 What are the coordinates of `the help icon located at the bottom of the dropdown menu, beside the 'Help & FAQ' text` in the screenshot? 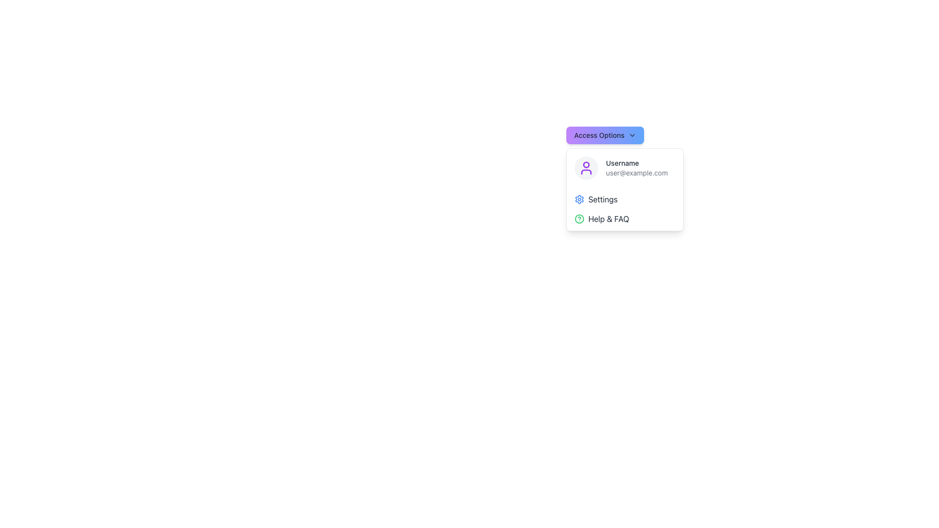 It's located at (580, 218).